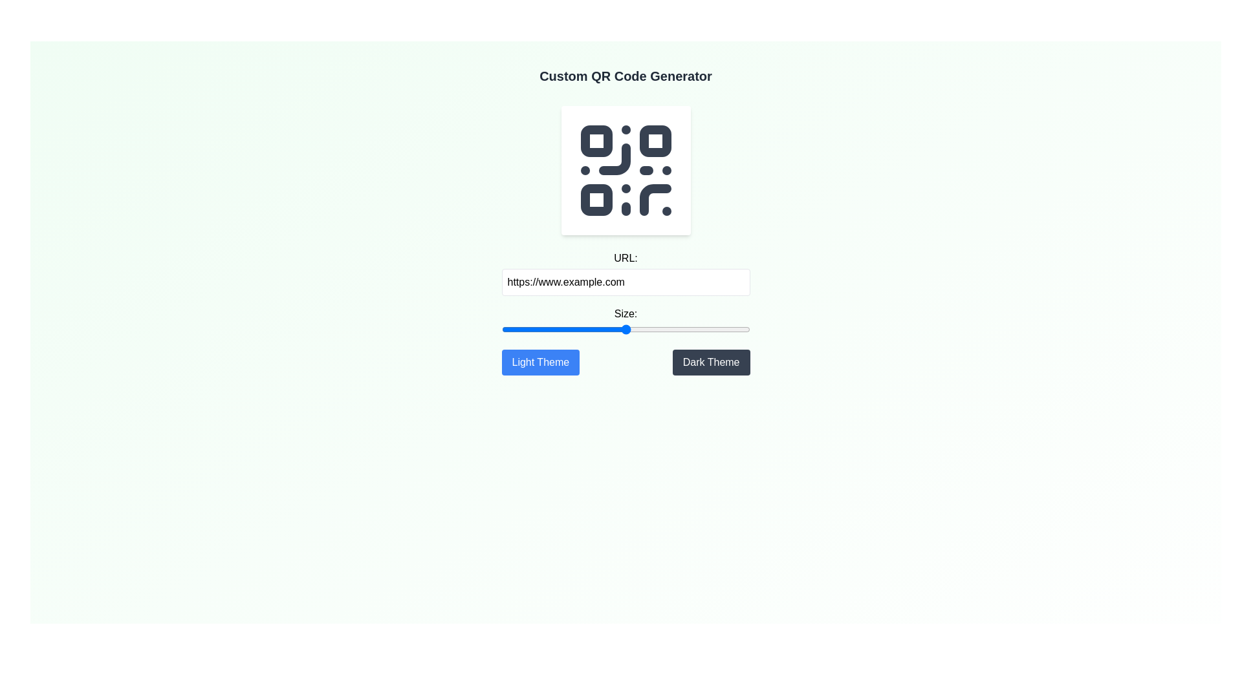 Image resolution: width=1242 pixels, height=698 pixels. I want to click on the QR code display located centrally beneath the 'Custom QR Code Generator' title and above the 'URL:' input field, so click(626, 169).